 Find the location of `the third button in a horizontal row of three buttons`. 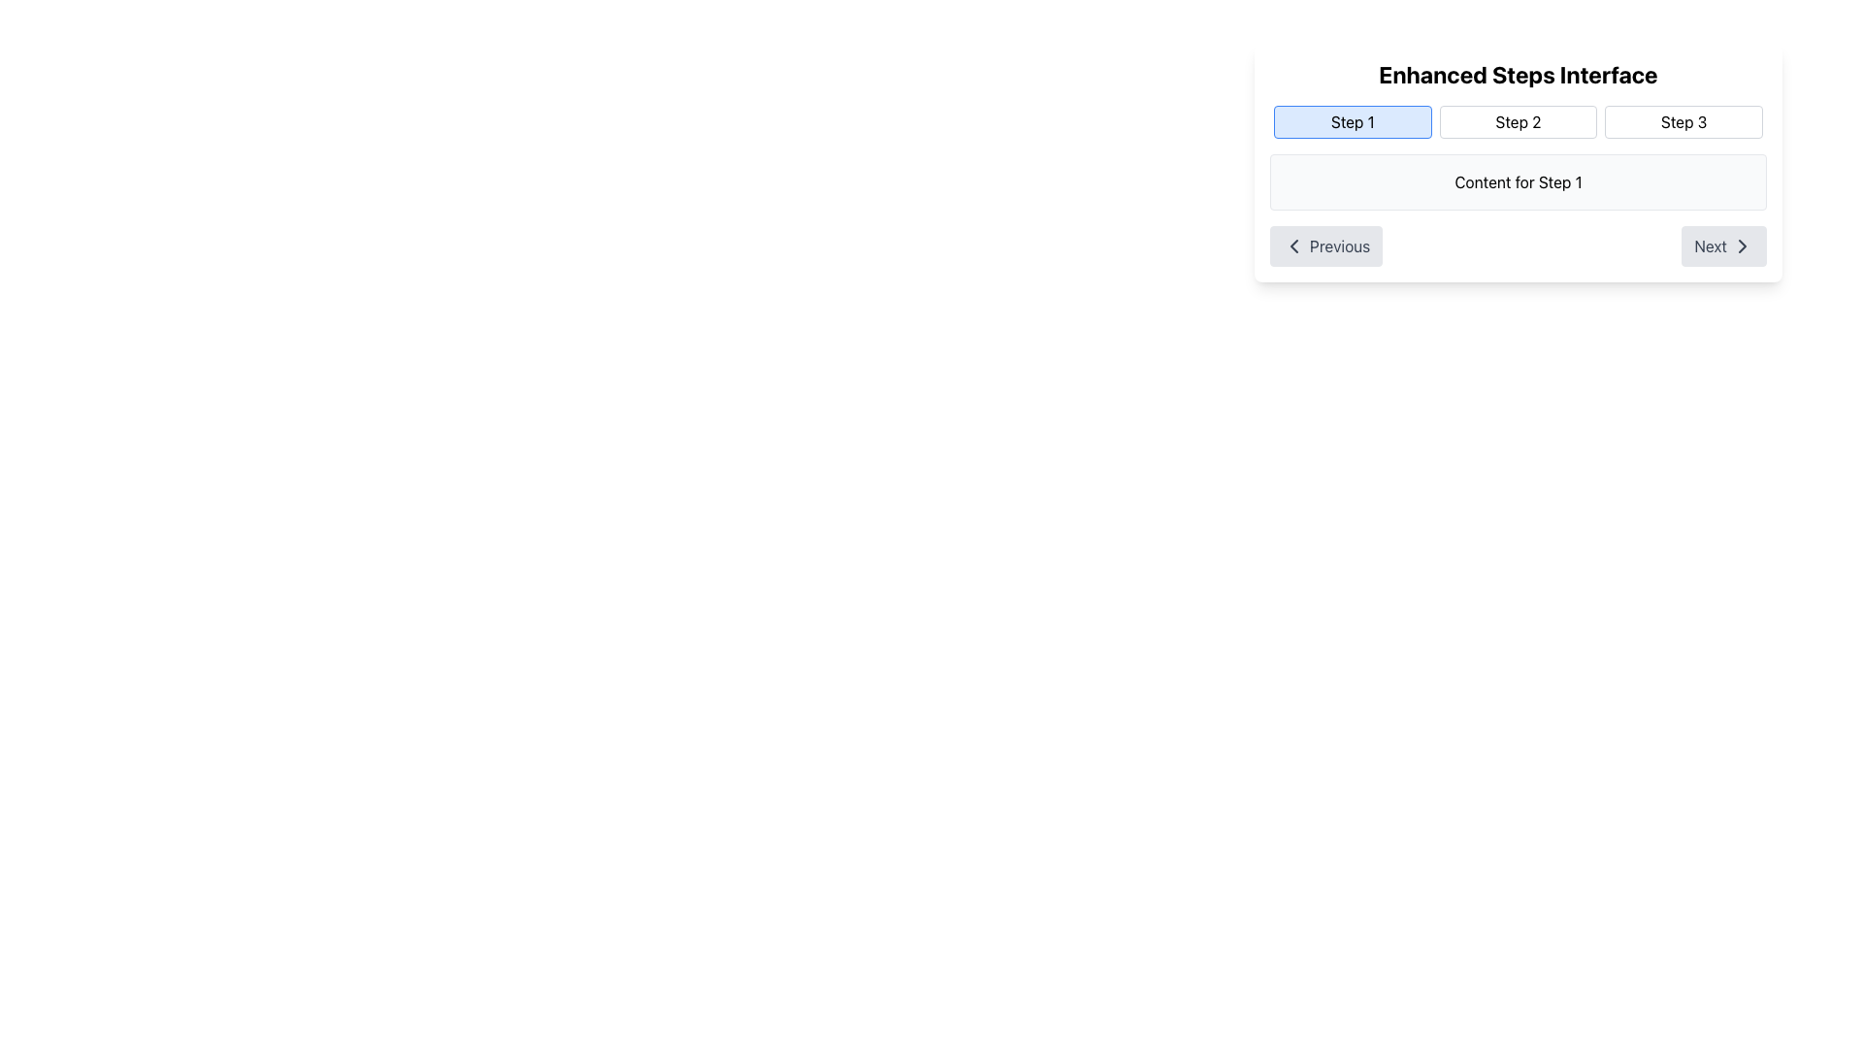

the third button in a horizontal row of three buttons is located at coordinates (1683, 122).